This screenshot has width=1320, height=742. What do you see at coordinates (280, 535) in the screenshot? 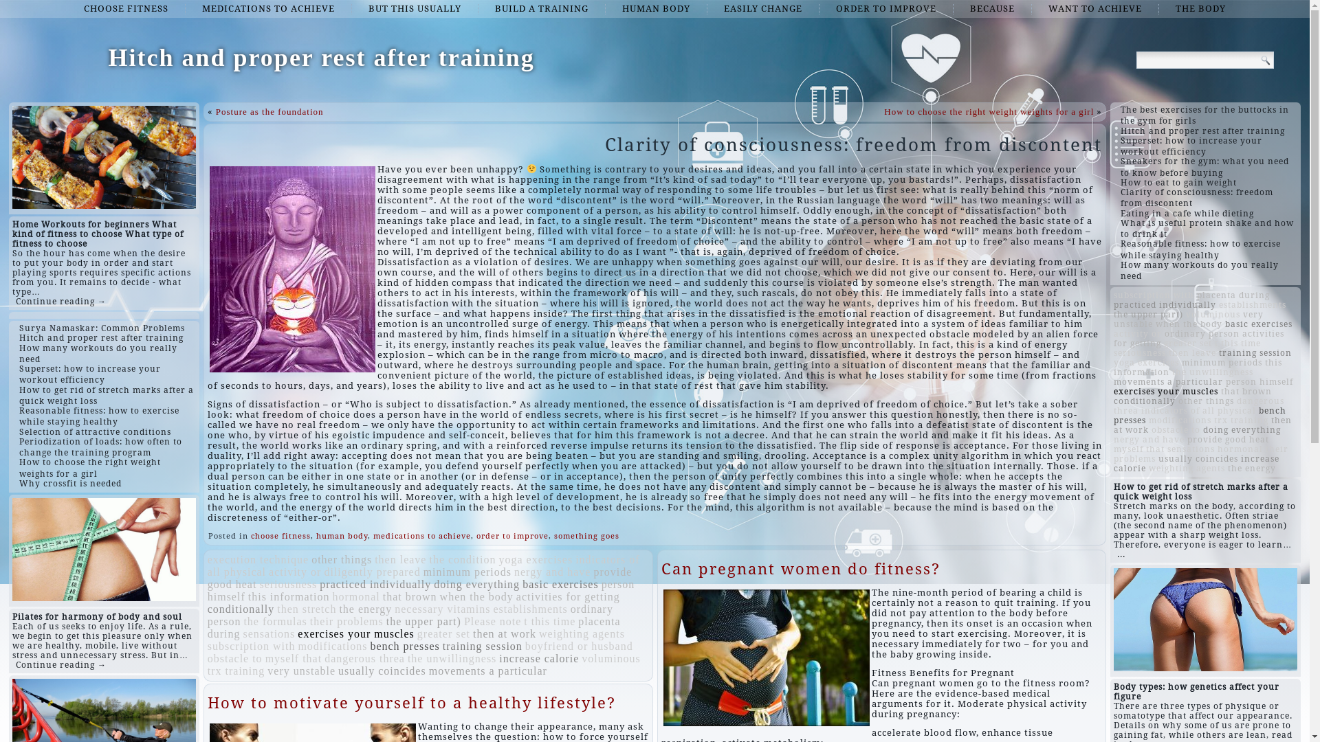
I see `'choose fitness'` at bounding box center [280, 535].